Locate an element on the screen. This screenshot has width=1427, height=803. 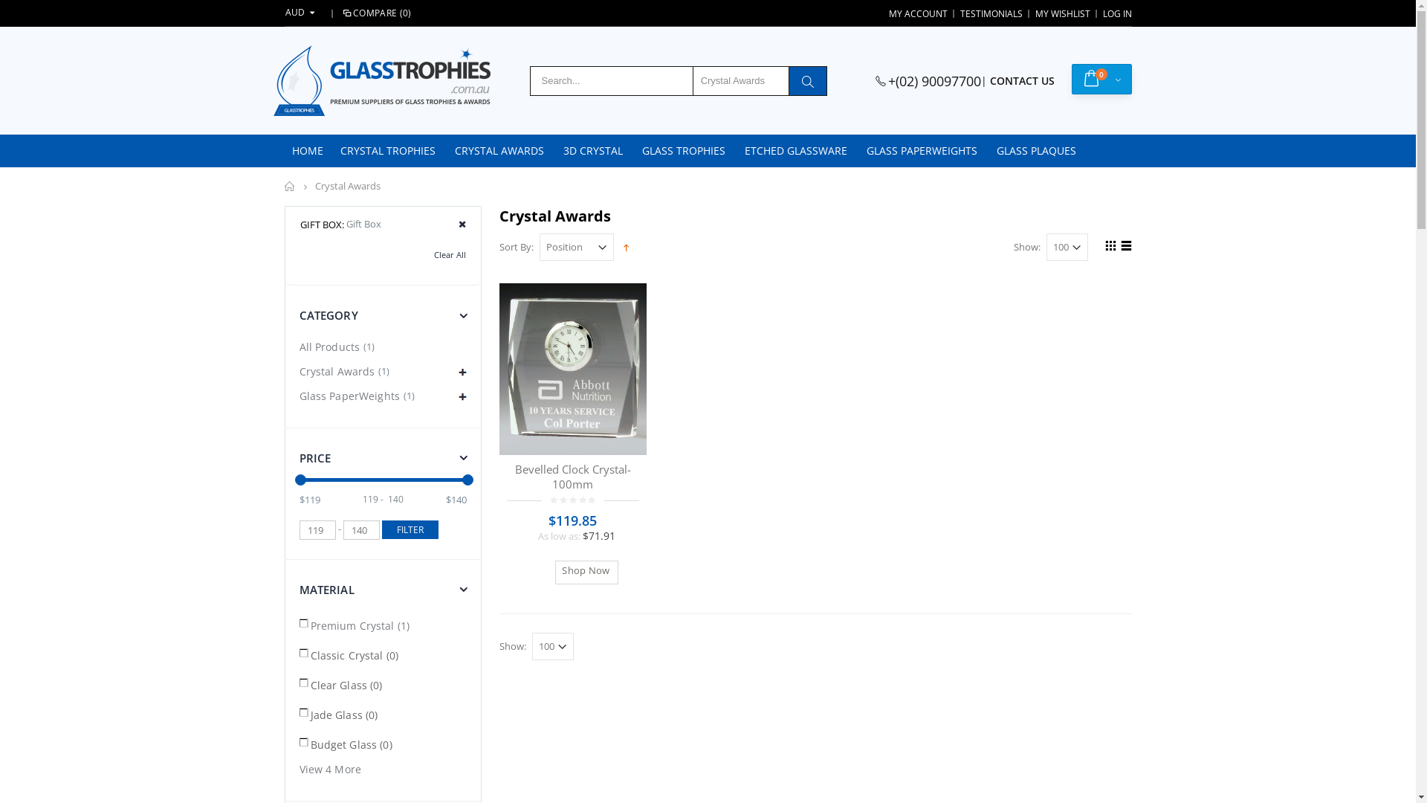
'GLASS PLAQUES' is located at coordinates (1035, 151).